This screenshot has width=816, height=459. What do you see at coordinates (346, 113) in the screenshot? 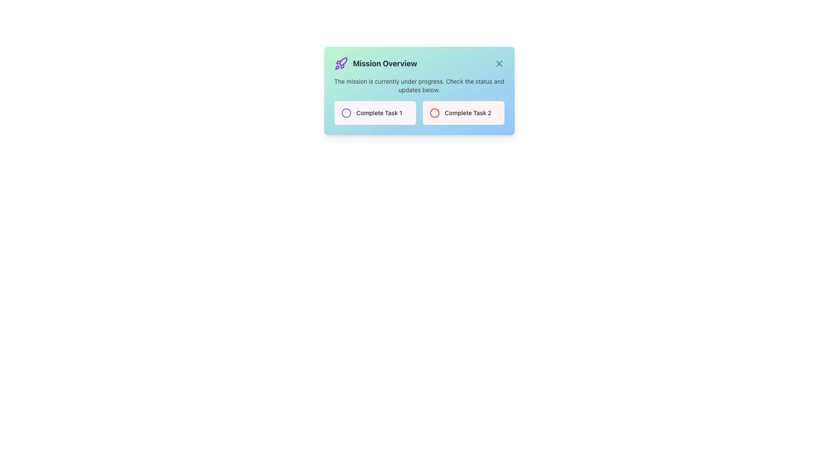
I see `the vibrant indigo circular icon located to the left of the 'Complete Task 1' textual label` at bounding box center [346, 113].